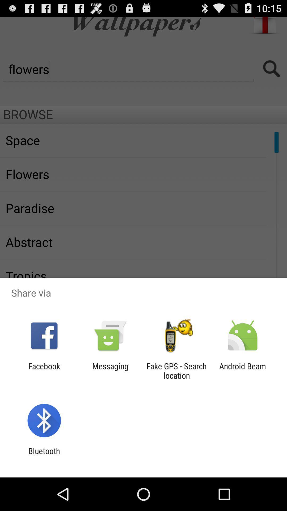 This screenshot has width=287, height=511. I want to click on the icon to the right of the facebook app, so click(110, 370).